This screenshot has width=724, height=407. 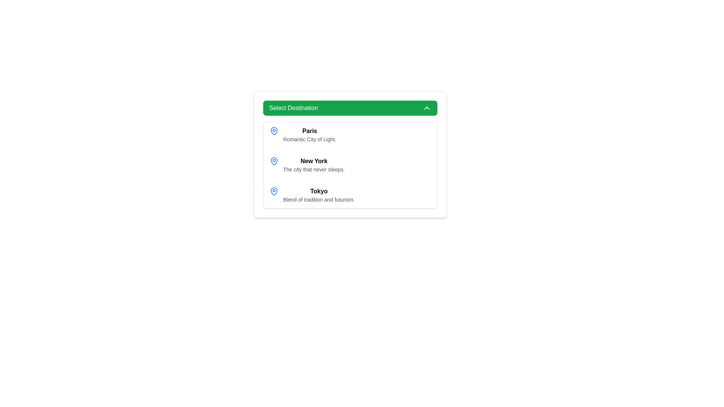 I want to click on the upward-pointing arrow icon located on the right-hand side of the 'Select Destination' button to provide additional visual feedback, so click(x=427, y=108).